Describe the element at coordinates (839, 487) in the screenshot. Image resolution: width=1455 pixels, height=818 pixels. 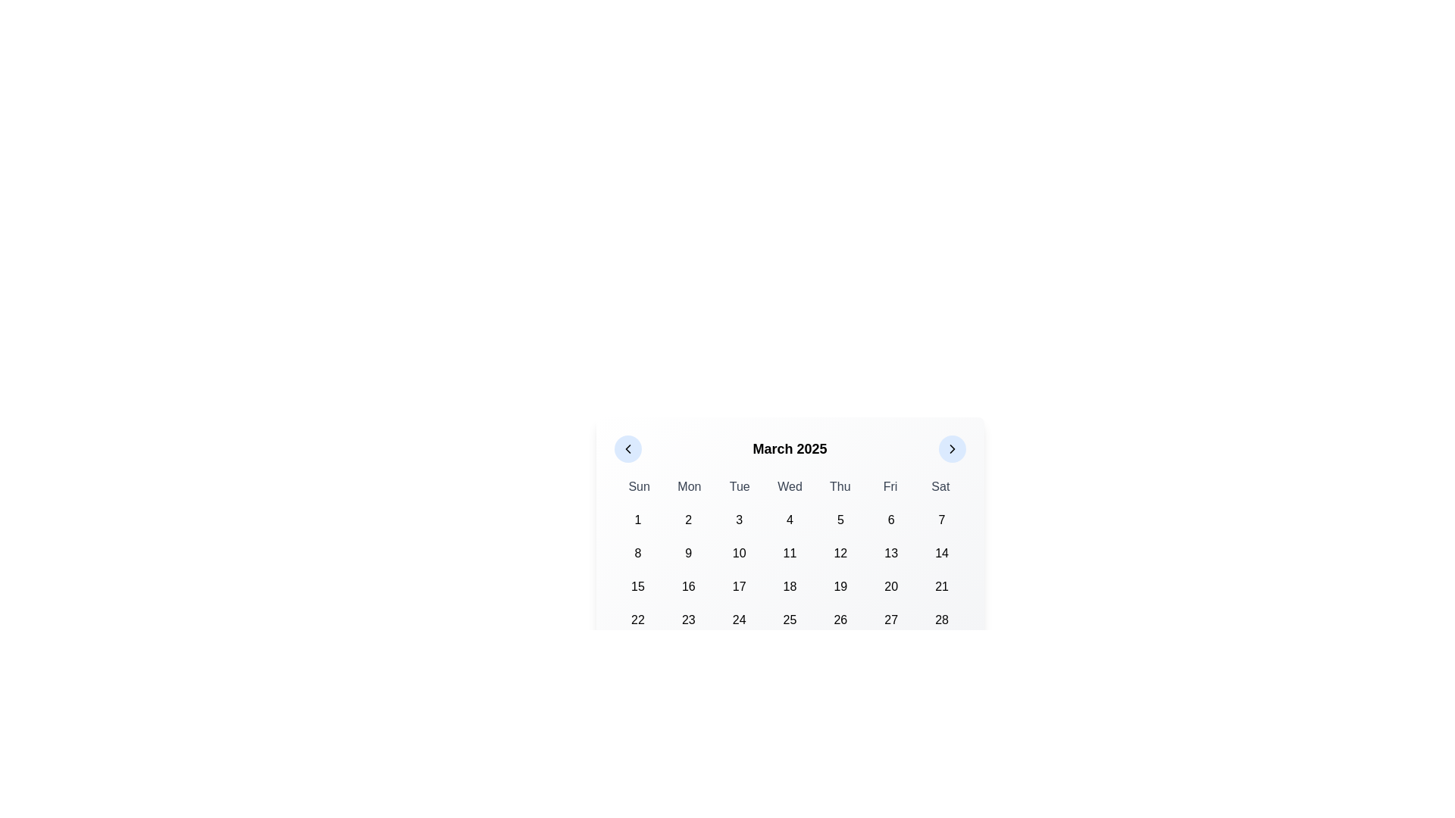
I see `the header label for the column representing Thursdays in the calendar, located between 'Wed' and 'Fri'` at that location.